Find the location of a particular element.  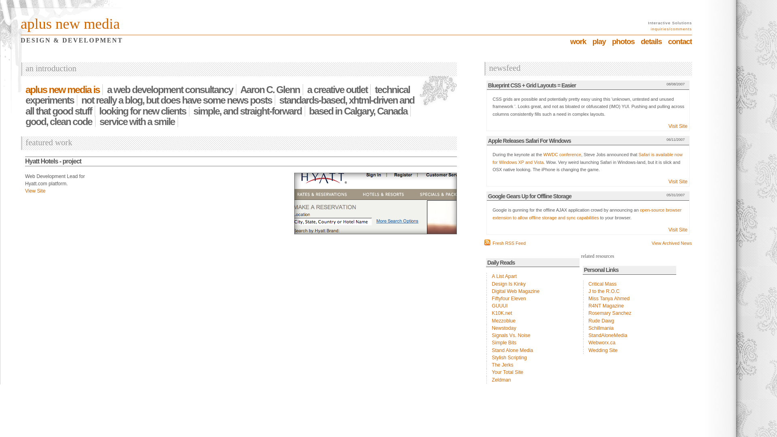

'Simple Bits' is located at coordinates (533, 343).